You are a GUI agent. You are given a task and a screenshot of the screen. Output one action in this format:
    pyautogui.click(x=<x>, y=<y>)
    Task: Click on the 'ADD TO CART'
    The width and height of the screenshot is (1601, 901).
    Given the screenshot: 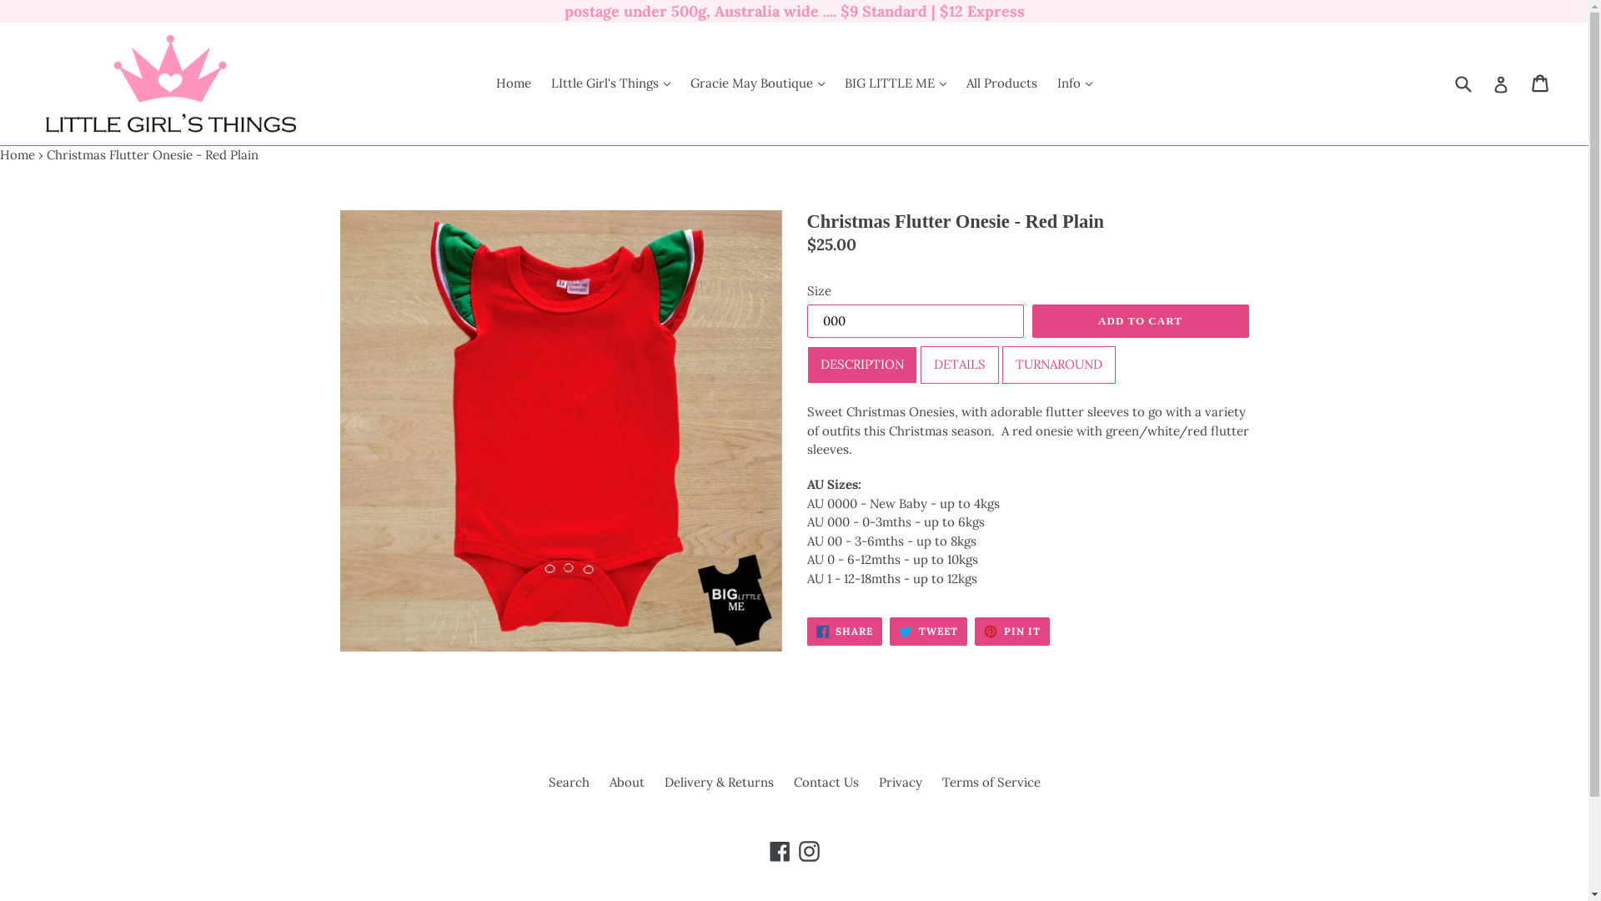 What is the action you would take?
    pyautogui.click(x=1140, y=321)
    